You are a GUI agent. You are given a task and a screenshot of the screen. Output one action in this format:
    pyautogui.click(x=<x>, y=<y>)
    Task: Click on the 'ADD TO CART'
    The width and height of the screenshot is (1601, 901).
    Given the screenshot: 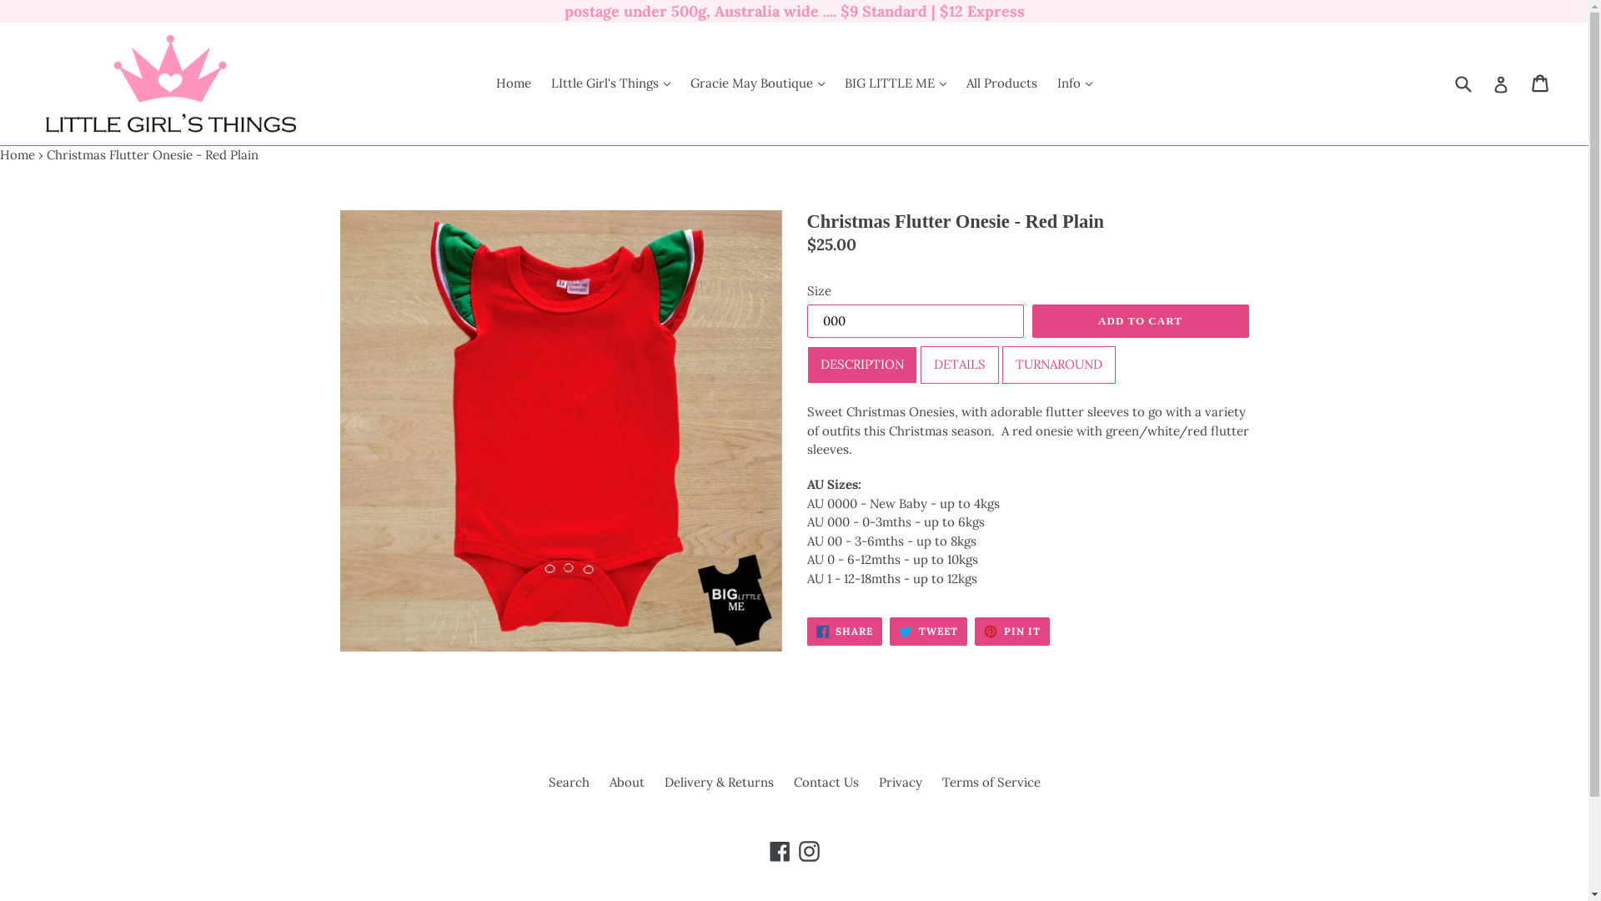 What is the action you would take?
    pyautogui.click(x=1140, y=321)
    